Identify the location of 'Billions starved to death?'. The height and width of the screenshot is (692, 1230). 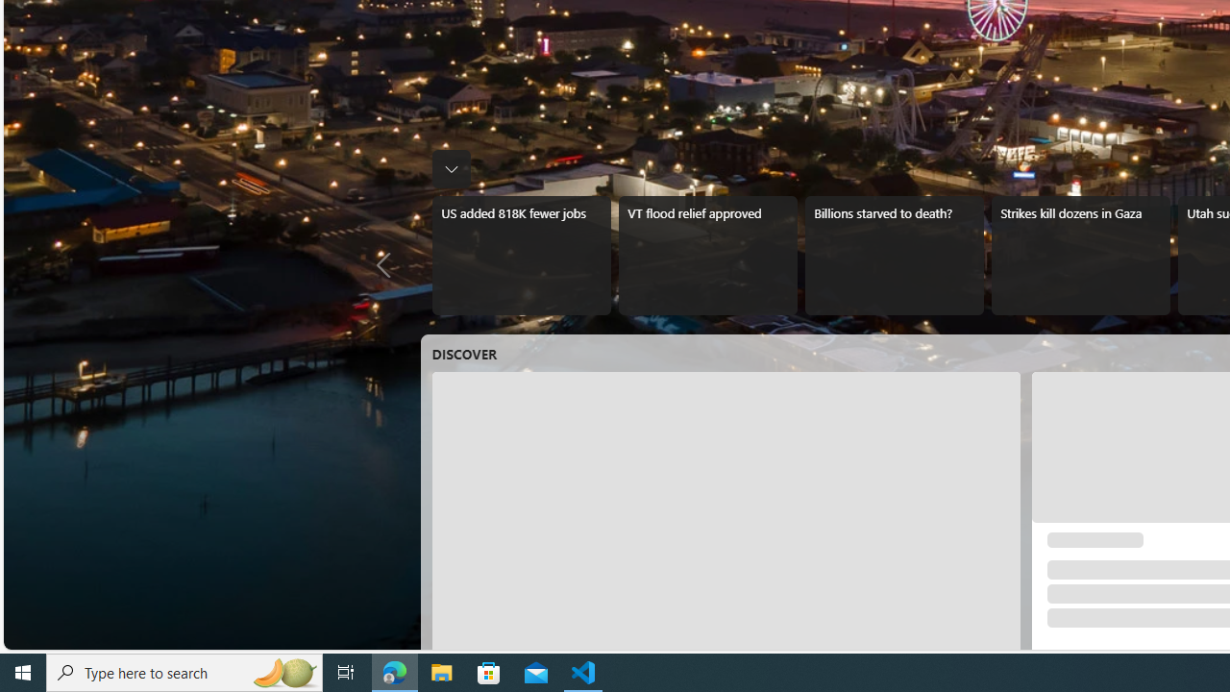
(893, 255).